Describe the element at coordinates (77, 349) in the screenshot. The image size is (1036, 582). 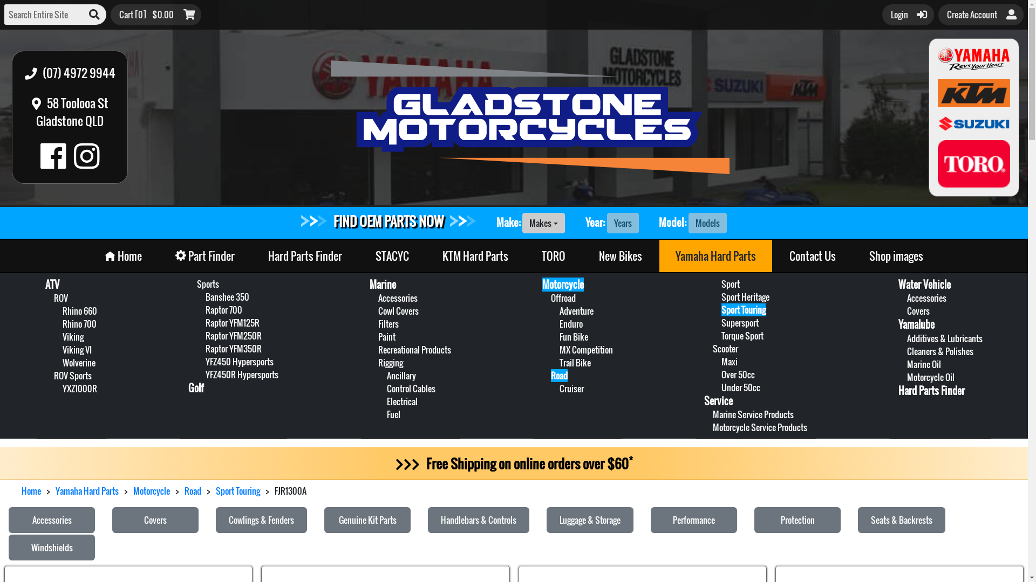
I see `'Viking VI'` at that location.